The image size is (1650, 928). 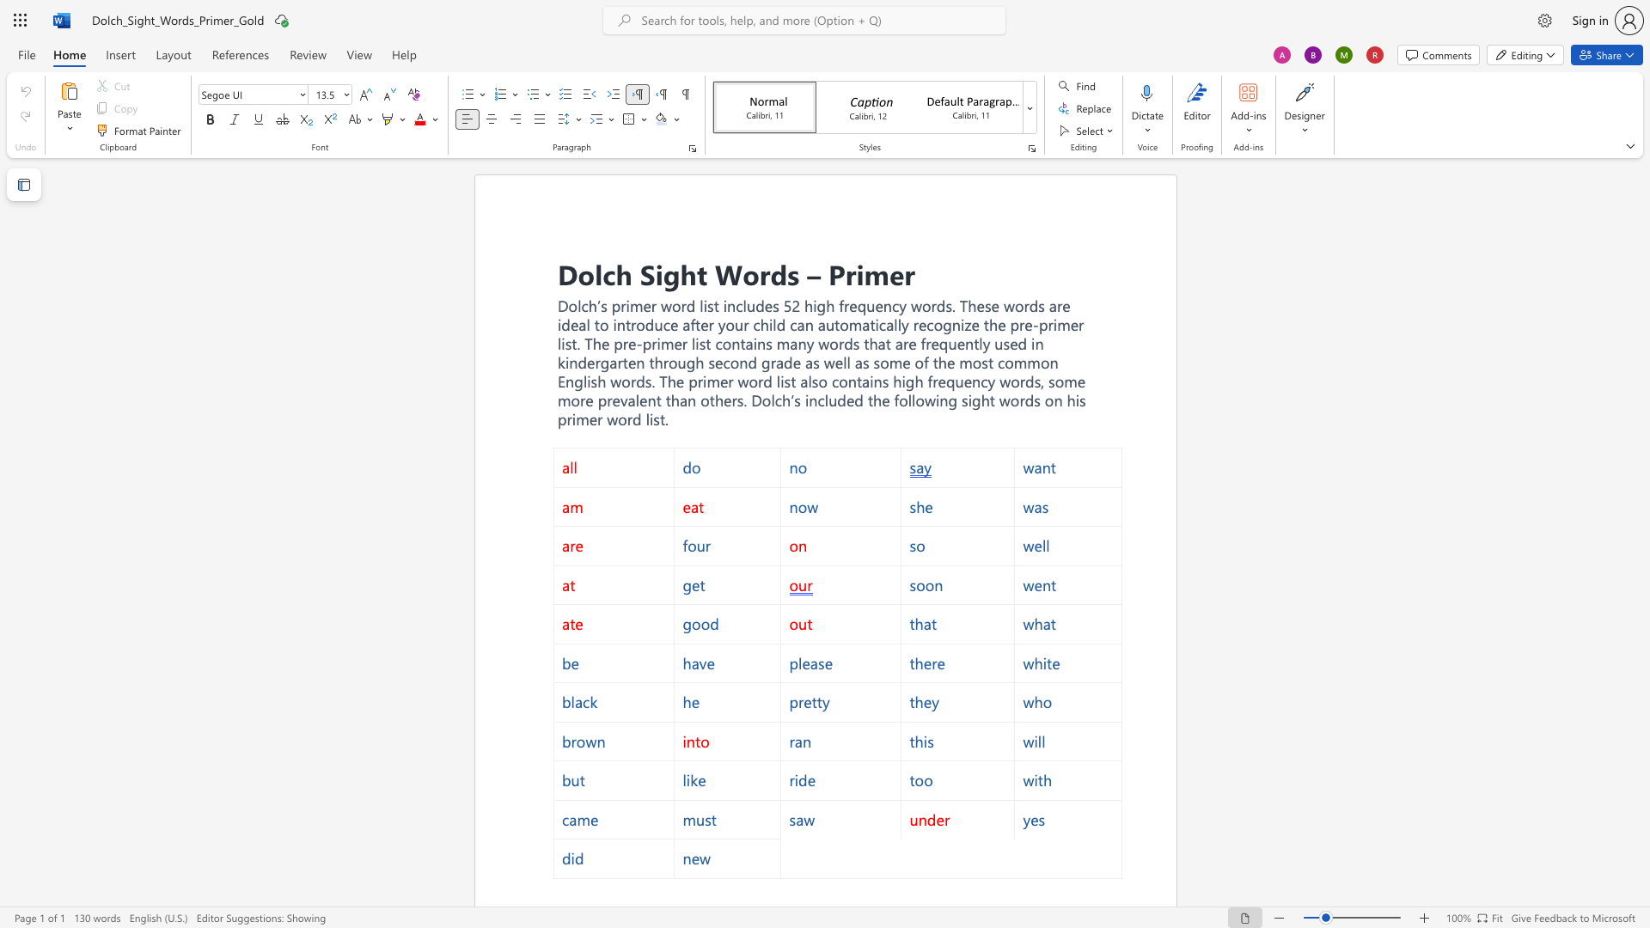 I want to click on the 2th character "u" in the text, so click(x=833, y=400).